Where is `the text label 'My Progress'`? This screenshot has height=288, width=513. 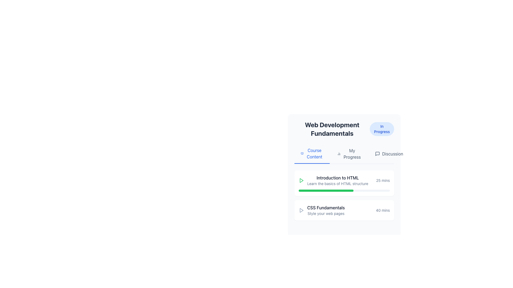
the text label 'My Progress' is located at coordinates (352, 154).